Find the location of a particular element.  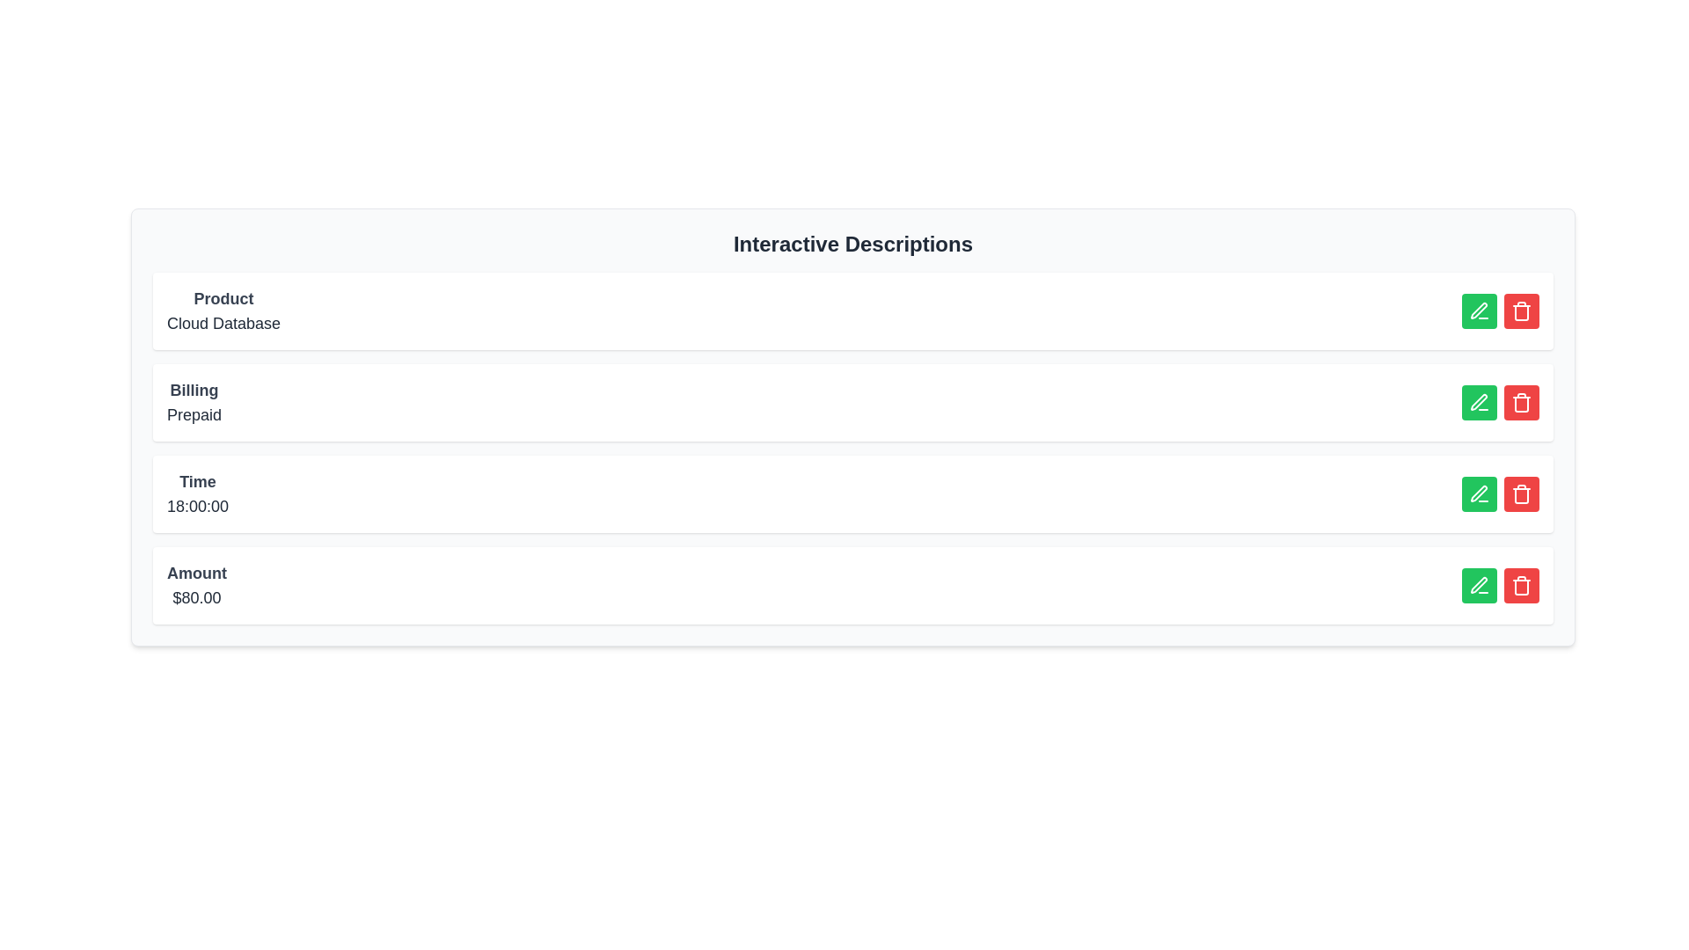

the Information card displaying the timestamp '18:00:00', which is the third card in the vertical list of items is located at coordinates (852, 494).